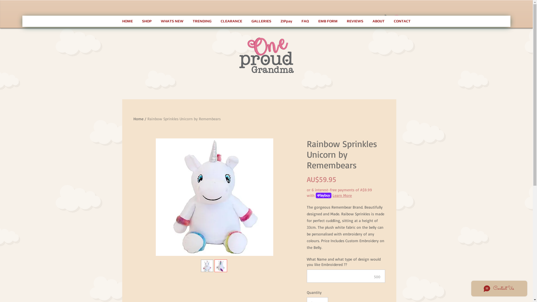 The image size is (537, 302). I want to click on 'GALLERIES', so click(261, 21).